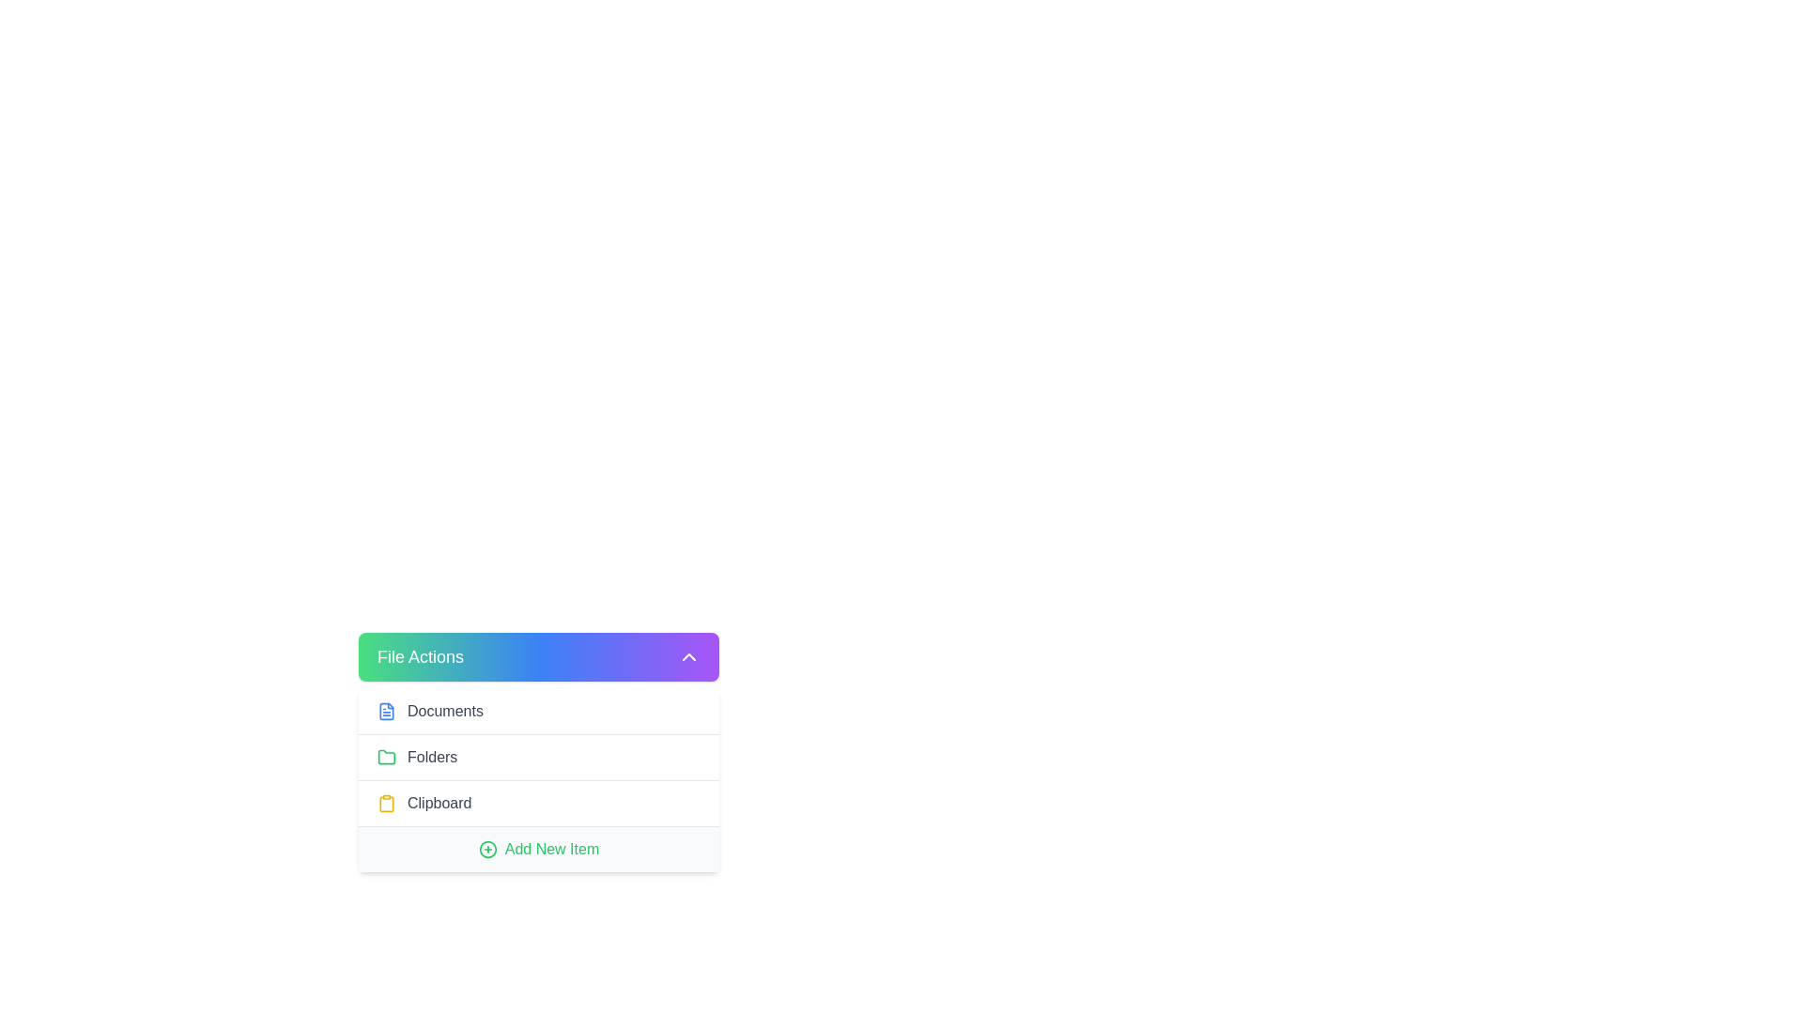  I want to click on the 'Add New Item' button, which is the fourth element under the 'File Actions' section, to potentially reveal additional information, so click(538, 848).